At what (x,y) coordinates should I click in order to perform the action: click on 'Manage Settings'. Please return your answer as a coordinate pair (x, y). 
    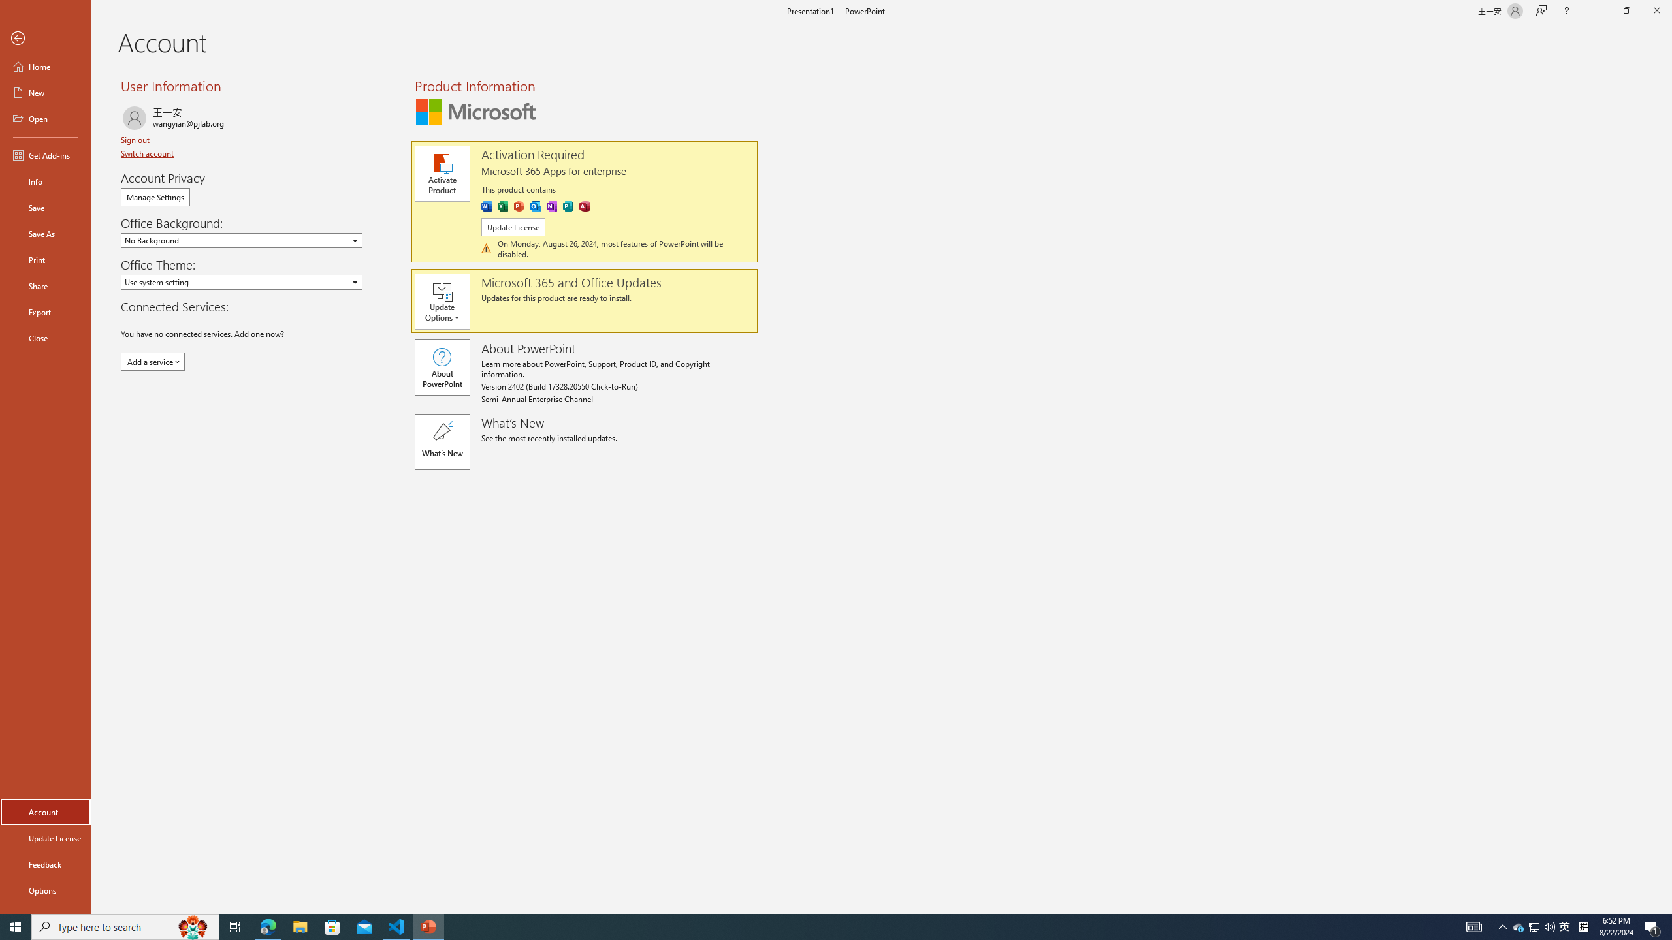
    Looking at the image, I should click on (155, 196).